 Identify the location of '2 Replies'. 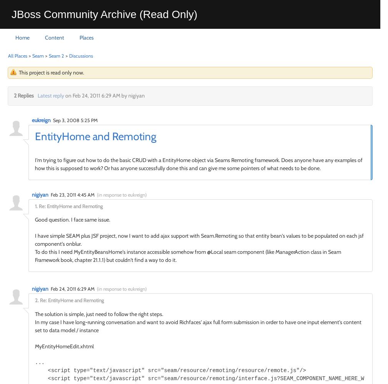
(23, 95).